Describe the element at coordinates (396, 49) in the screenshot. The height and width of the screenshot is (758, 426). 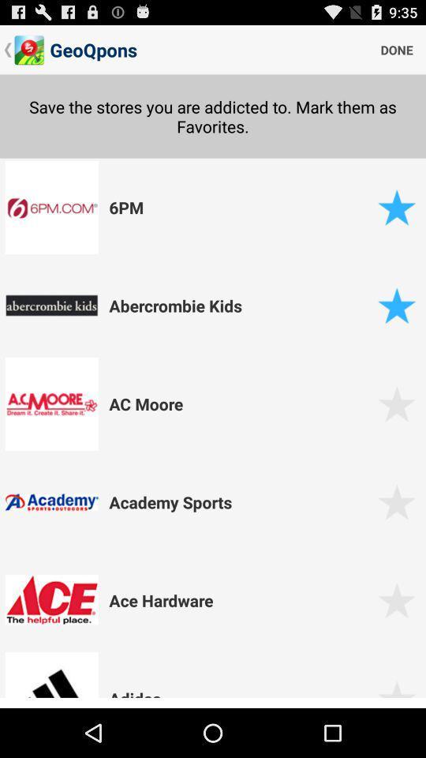
I see `the item to the right of the geoqpons item` at that location.